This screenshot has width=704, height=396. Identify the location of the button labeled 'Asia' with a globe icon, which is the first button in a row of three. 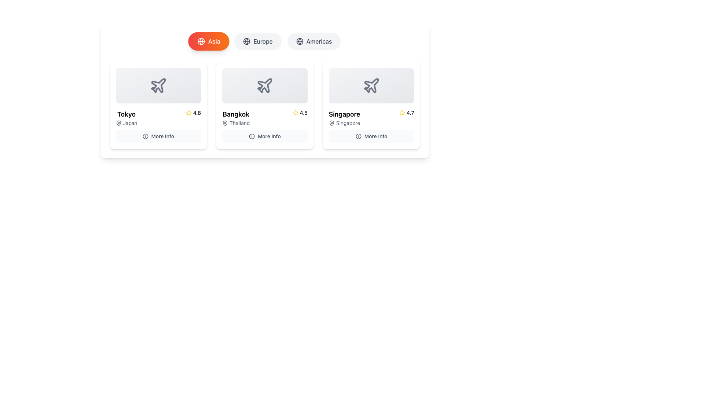
(208, 41).